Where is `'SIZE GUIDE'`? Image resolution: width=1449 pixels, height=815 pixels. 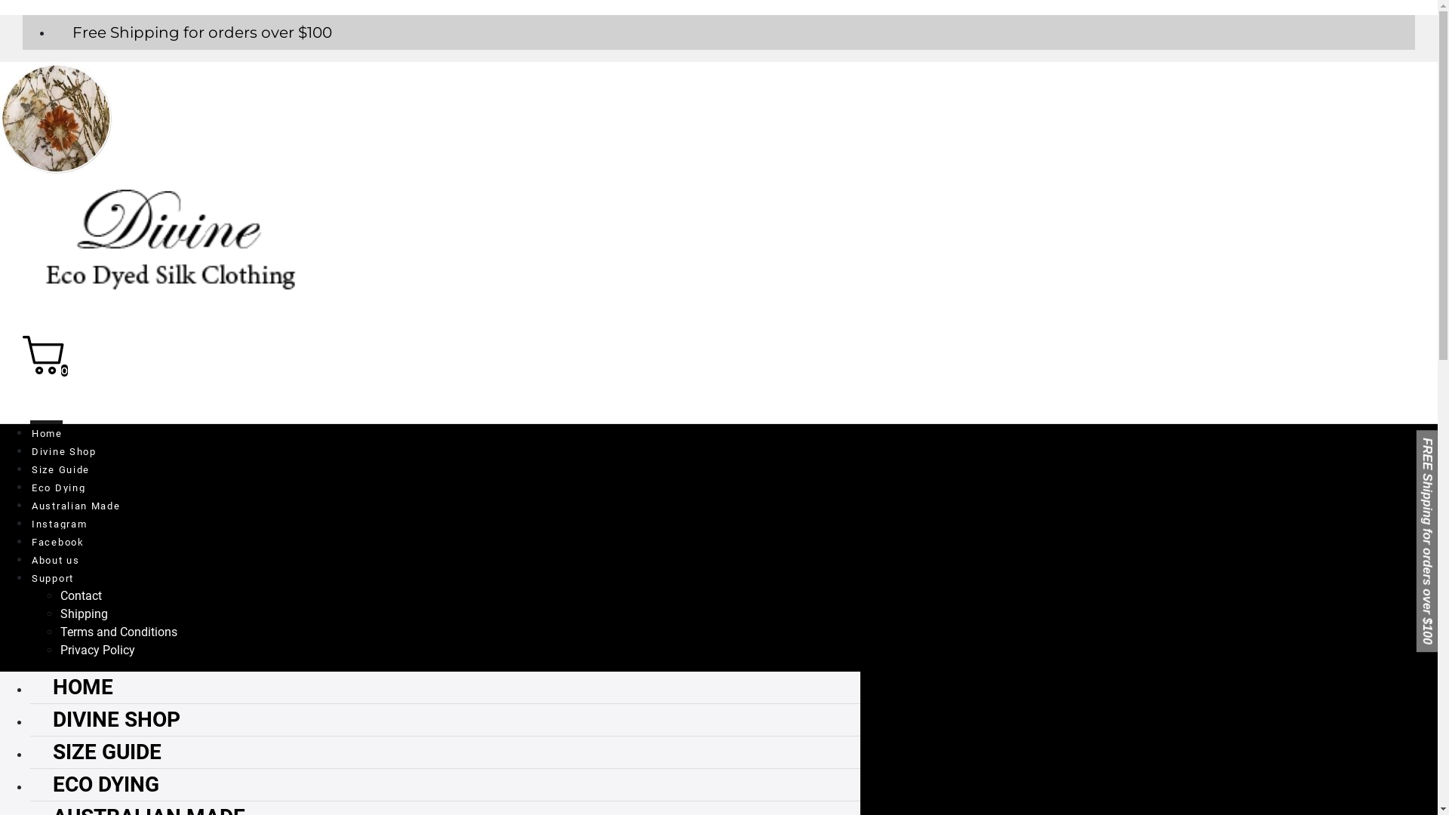 'SIZE GUIDE' is located at coordinates (29, 752).